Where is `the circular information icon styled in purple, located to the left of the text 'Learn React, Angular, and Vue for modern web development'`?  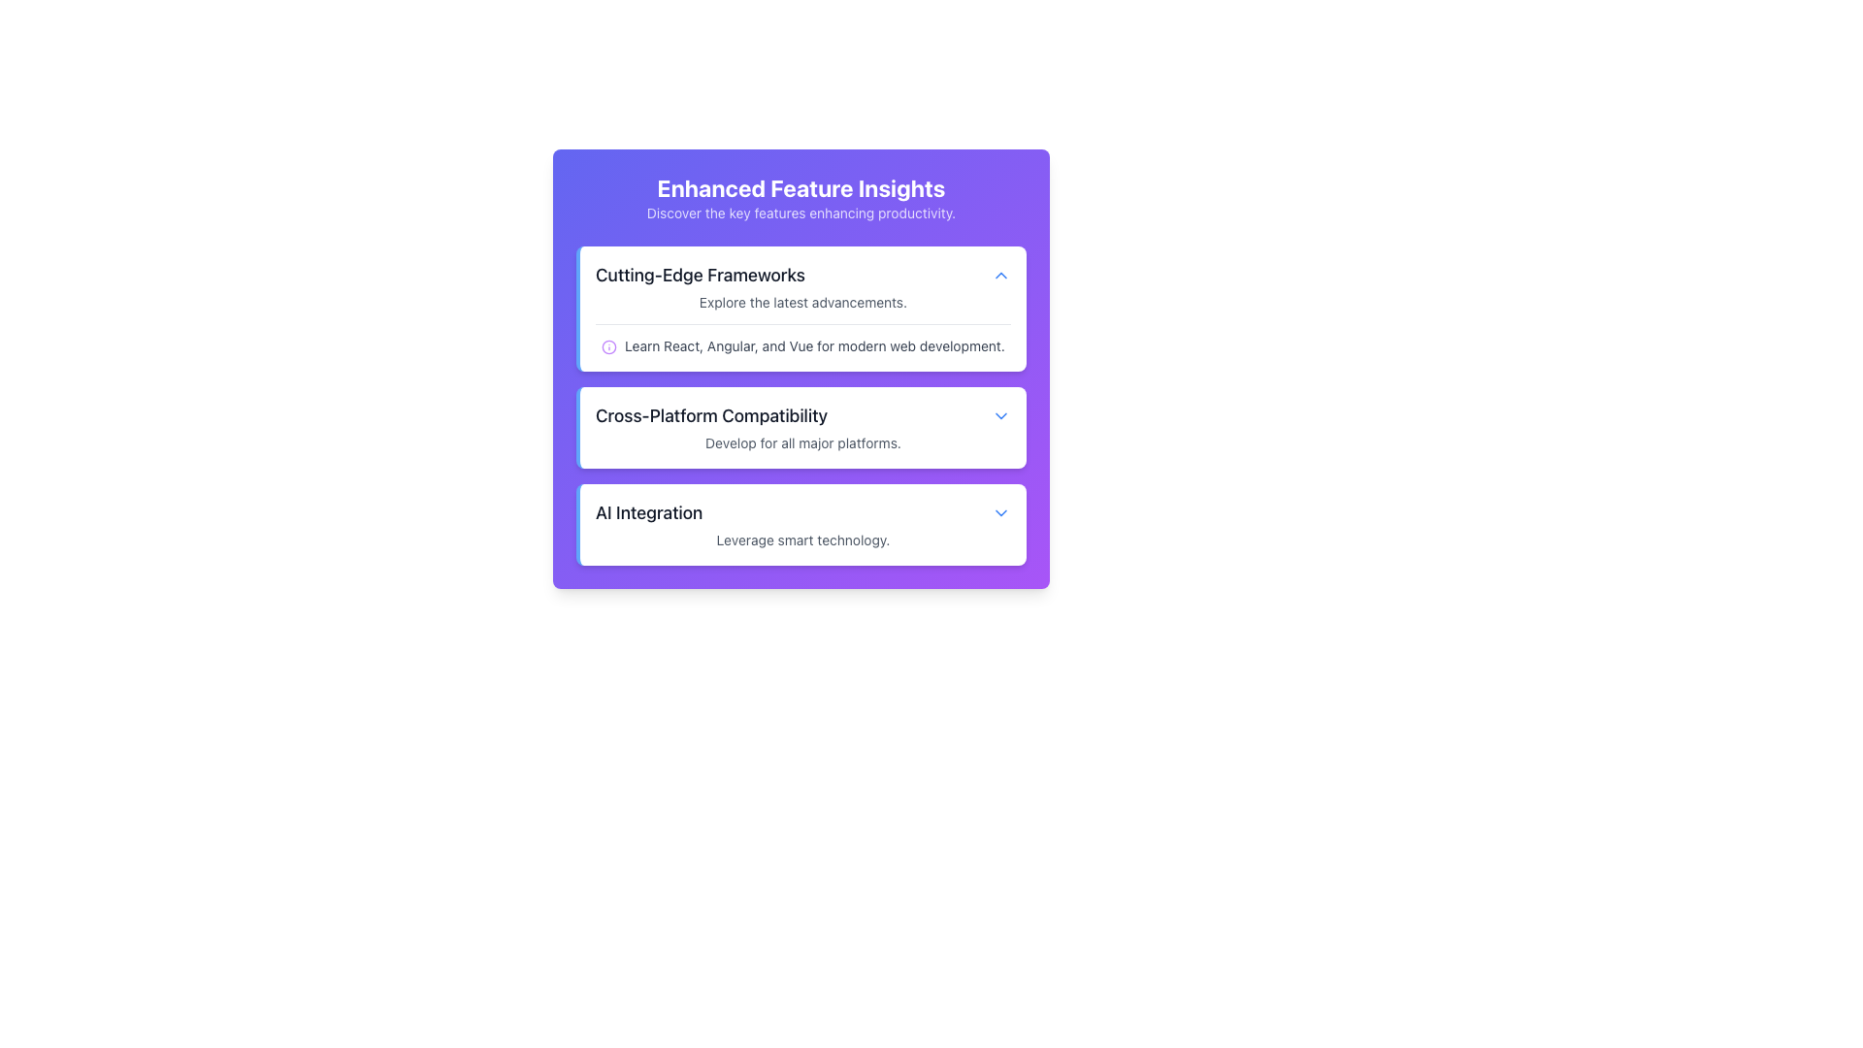
the circular information icon styled in purple, located to the left of the text 'Learn React, Angular, and Vue for modern web development' is located at coordinates (608, 346).